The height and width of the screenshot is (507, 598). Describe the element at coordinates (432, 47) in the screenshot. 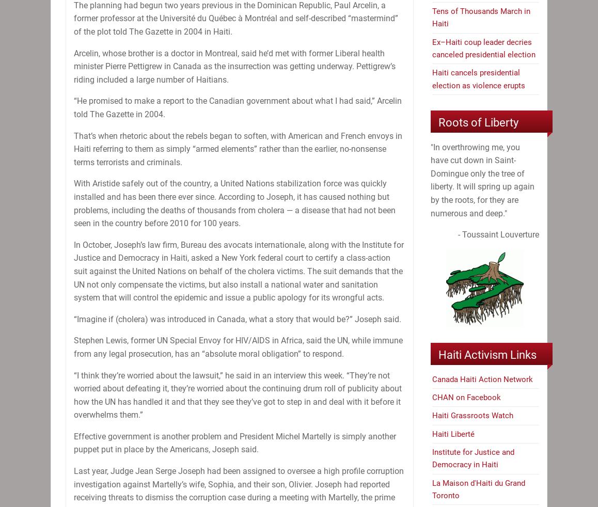

I see `'Ex–Haiti coup leader decries canceled presidential election'` at that location.